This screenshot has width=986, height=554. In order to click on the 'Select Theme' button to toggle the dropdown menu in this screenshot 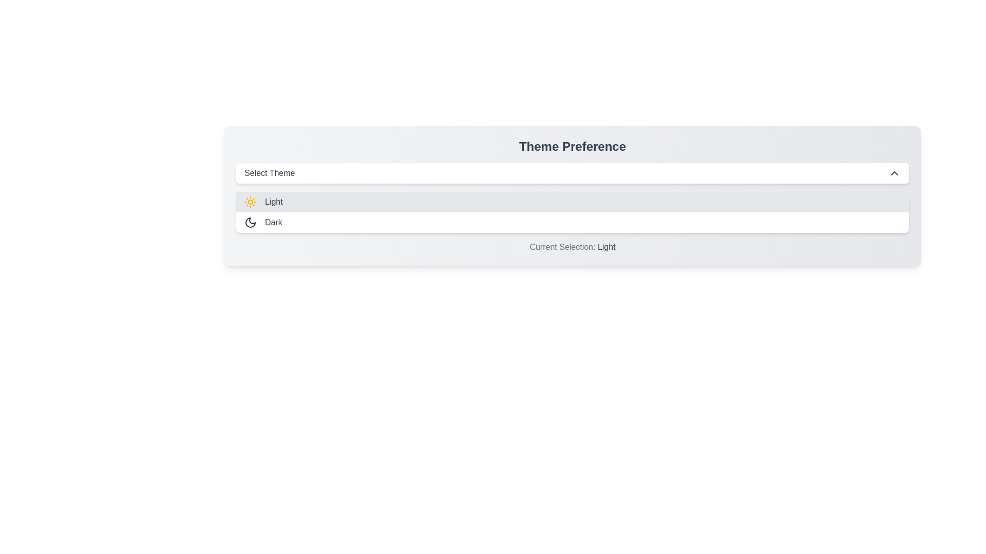, I will do `click(572, 173)`.